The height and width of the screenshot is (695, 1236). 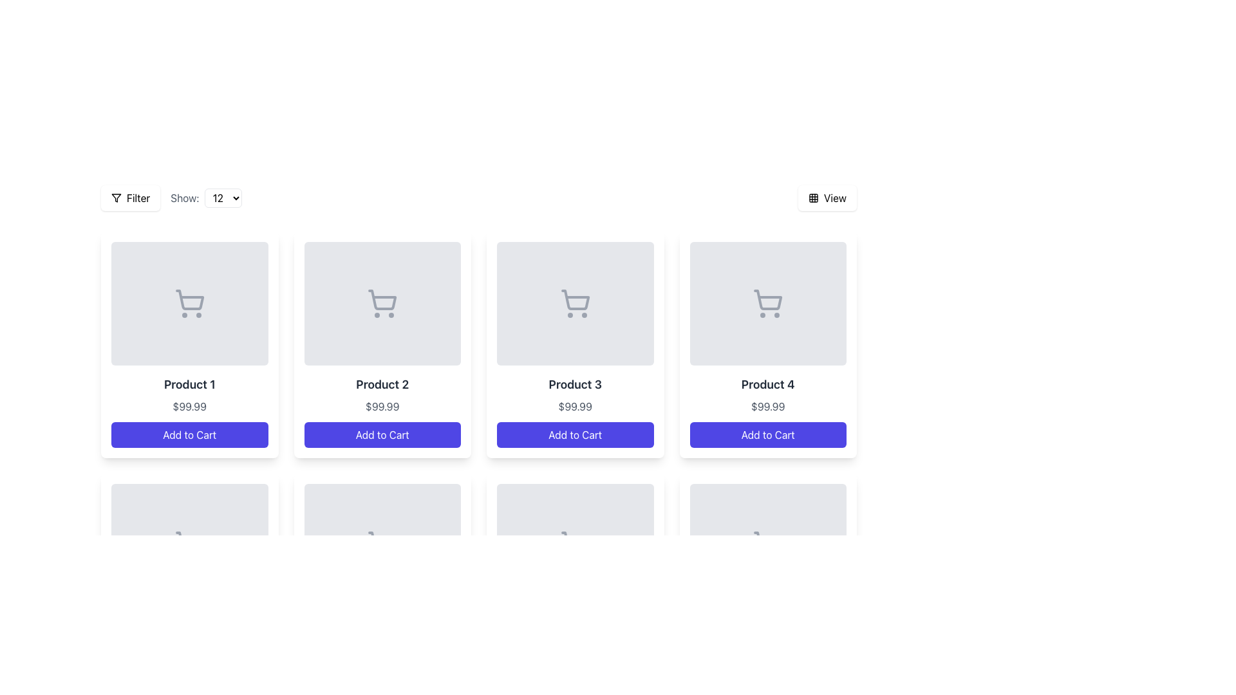 I want to click on the product image placeholder containing a shopping cart icon, which is located above the price label for 'Product 4' and the 'Add to Cart' button, so click(x=768, y=303).